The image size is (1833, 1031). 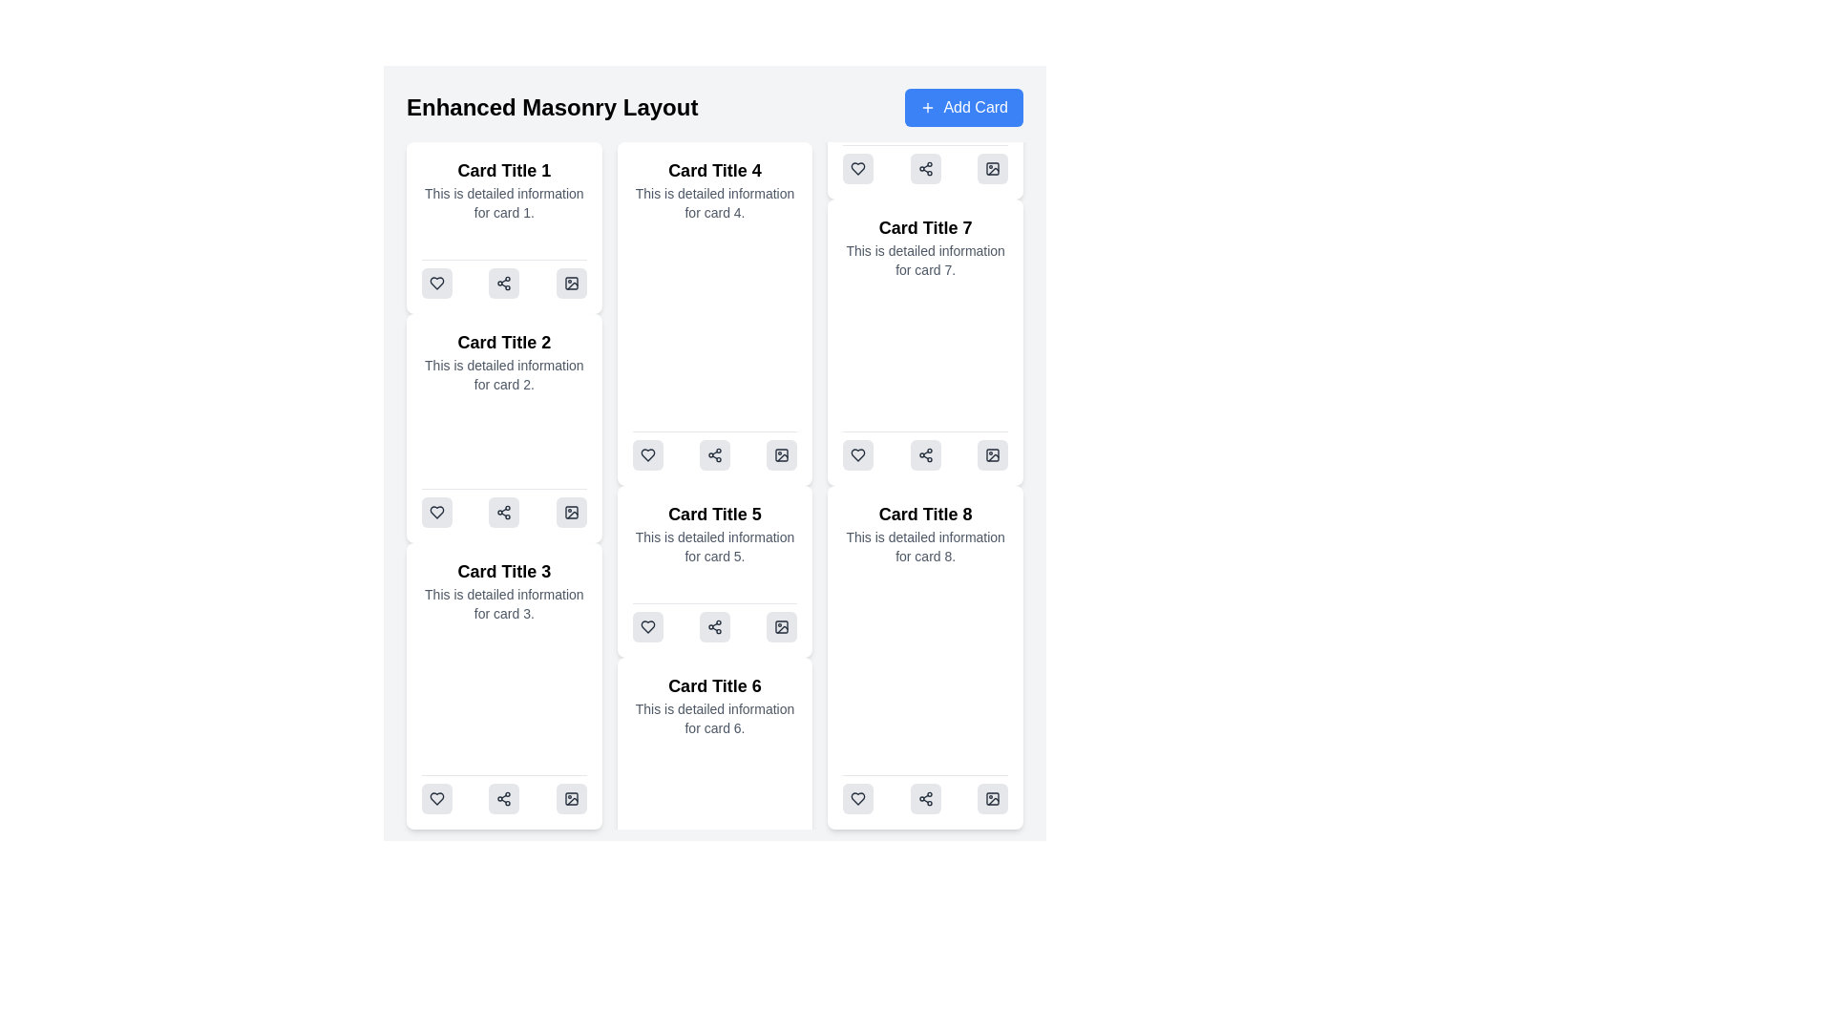 What do you see at coordinates (504, 511) in the screenshot?
I see `the small, stylized share icon, which is located in the third card, second column, bottom row of the grid layout, and is the center icon among three in a horizontal group at the bottom of the card` at bounding box center [504, 511].